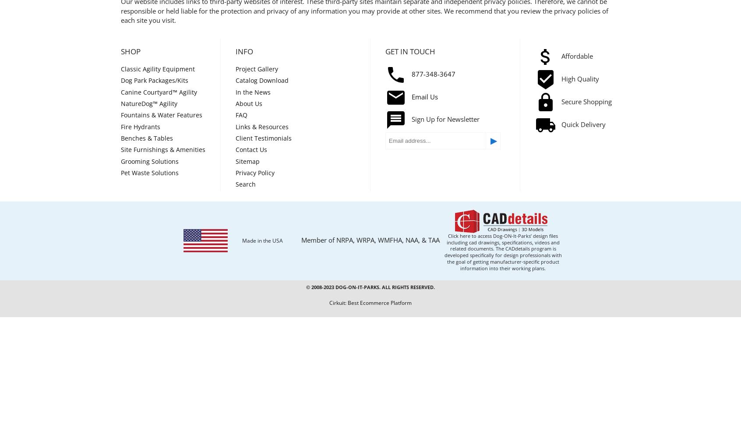 The height and width of the screenshot is (438, 741). I want to click on 'Made in the USA', so click(242, 240).